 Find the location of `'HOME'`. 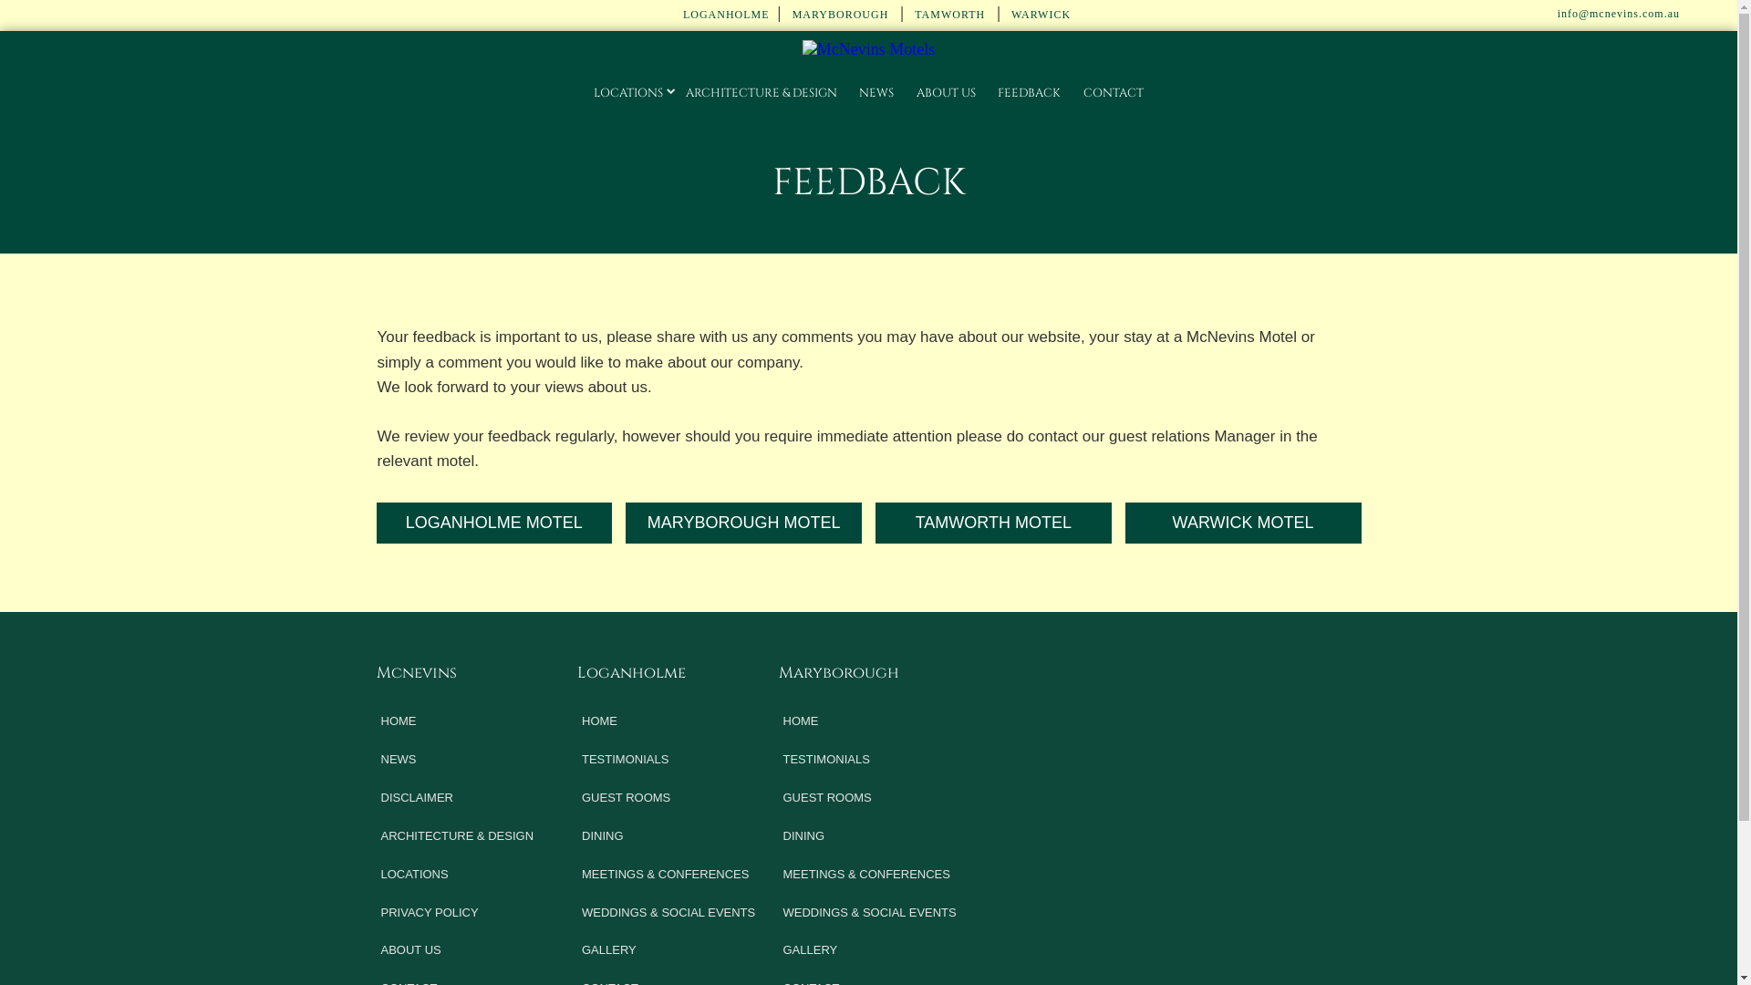

'HOME' is located at coordinates (677, 720).